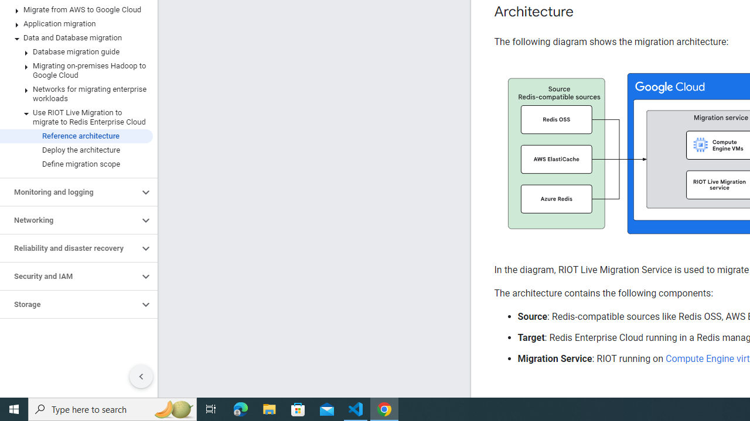 The image size is (750, 421). I want to click on 'Networking', so click(69, 220).